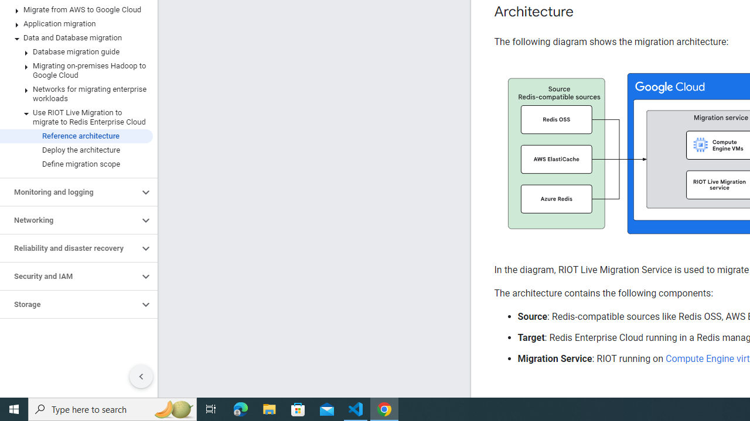 The image size is (750, 421). I want to click on 'Networking', so click(69, 220).